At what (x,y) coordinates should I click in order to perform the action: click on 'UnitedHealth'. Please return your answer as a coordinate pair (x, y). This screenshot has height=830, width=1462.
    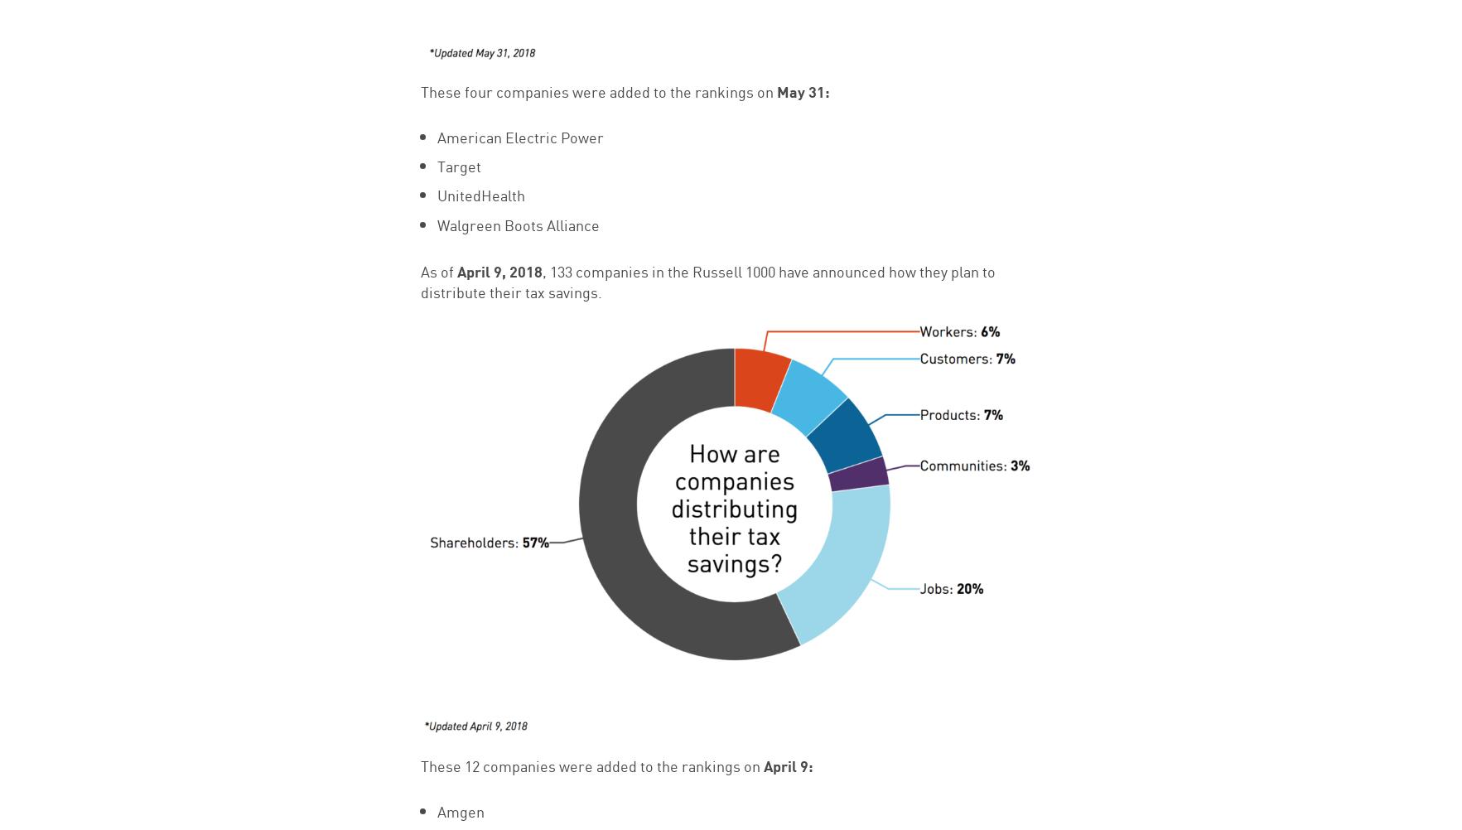
    Looking at the image, I should click on (436, 194).